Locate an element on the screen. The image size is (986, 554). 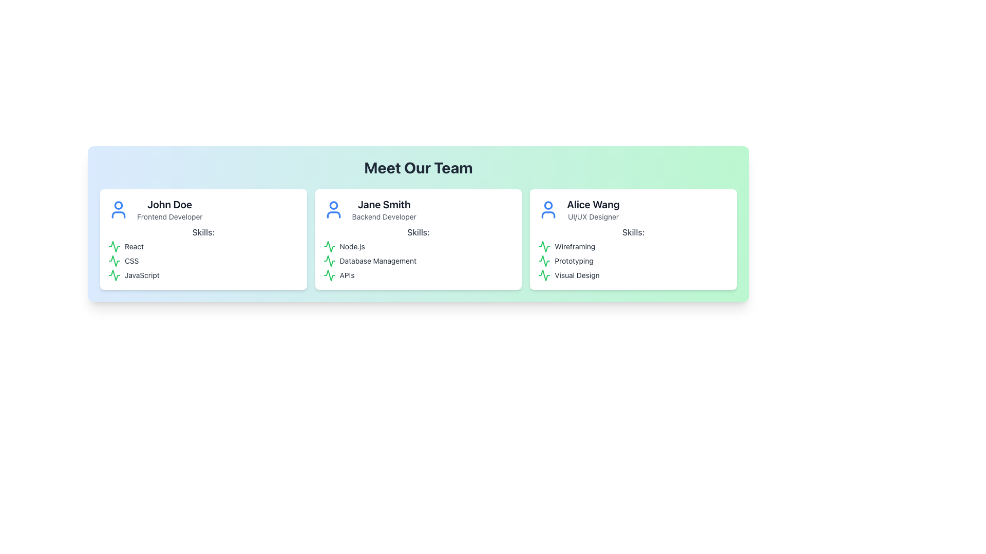
the text element reading 'Jane Smith', which is bold and emphasized at the top of the middle card in a team member list is located at coordinates (384, 204).